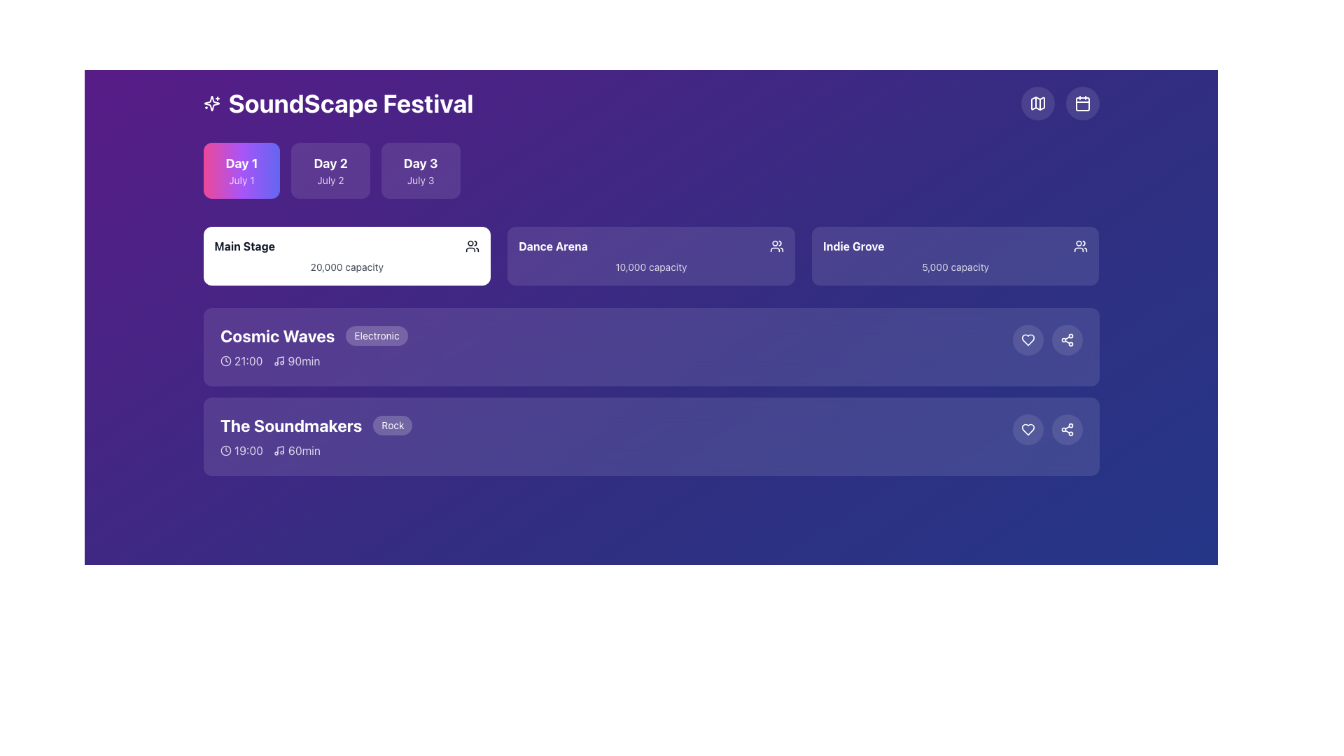 The height and width of the screenshot is (756, 1344). I want to click on and interpret the text displayed in the text label '5,000 capacity', which is positioned below the title 'Indie Grove' within the venue card, so click(955, 267).